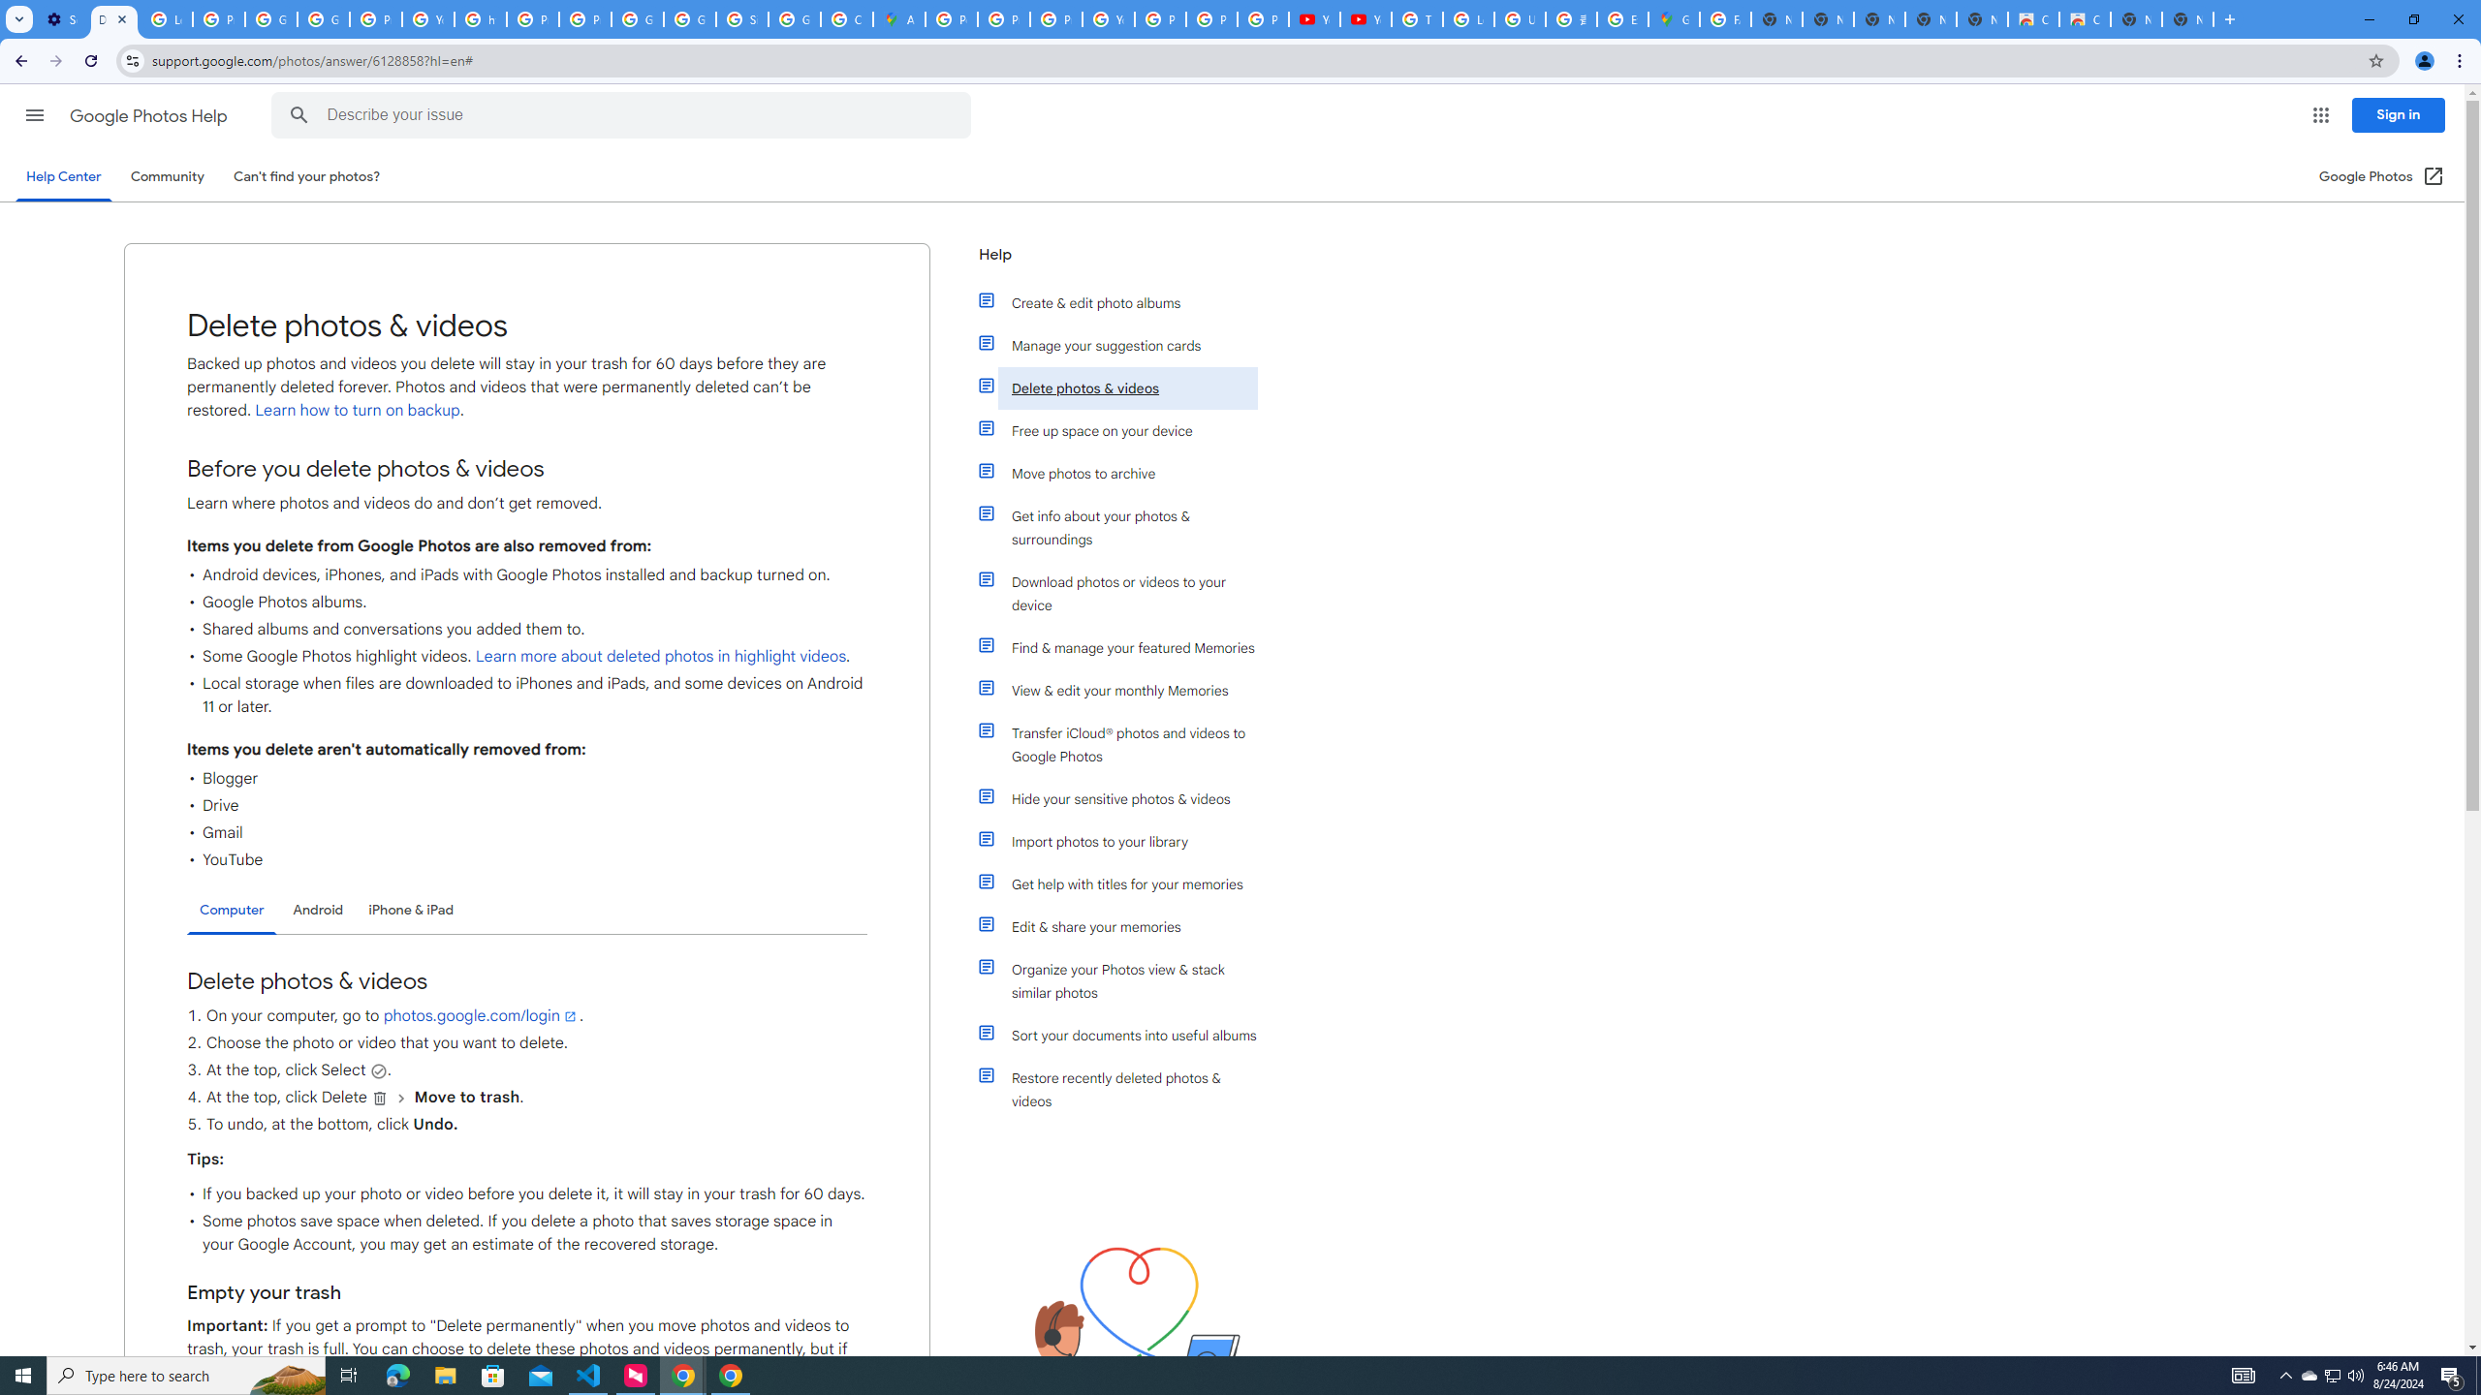 The height and width of the screenshot is (1395, 2481). Describe the element at coordinates (33, 114) in the screenshot. I see `'Main menu'` at that location.